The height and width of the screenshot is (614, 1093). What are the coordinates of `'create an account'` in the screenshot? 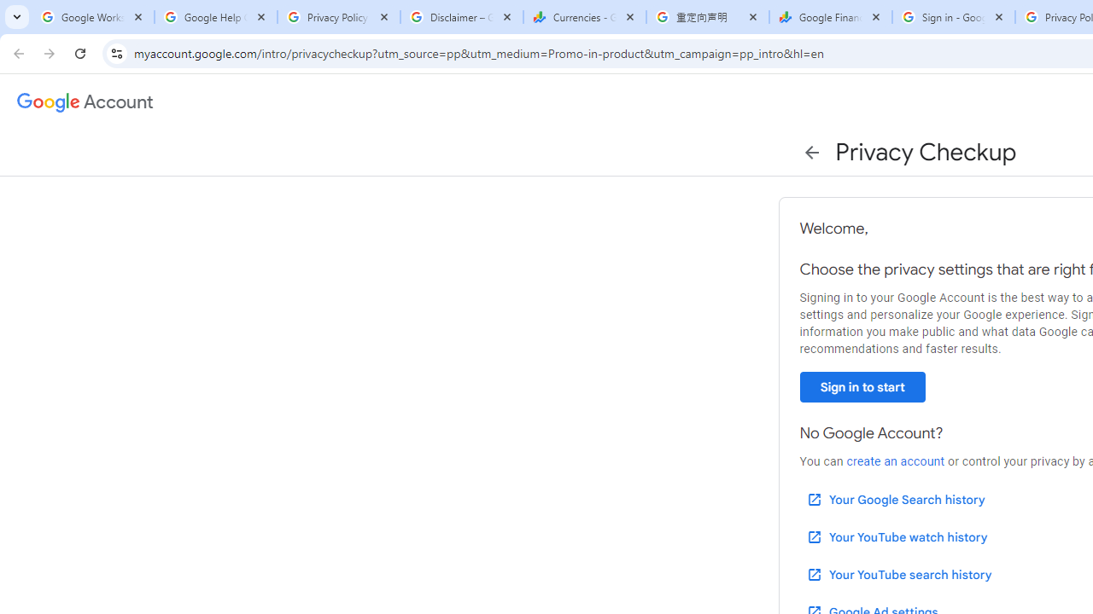 It's located at (894, 461).